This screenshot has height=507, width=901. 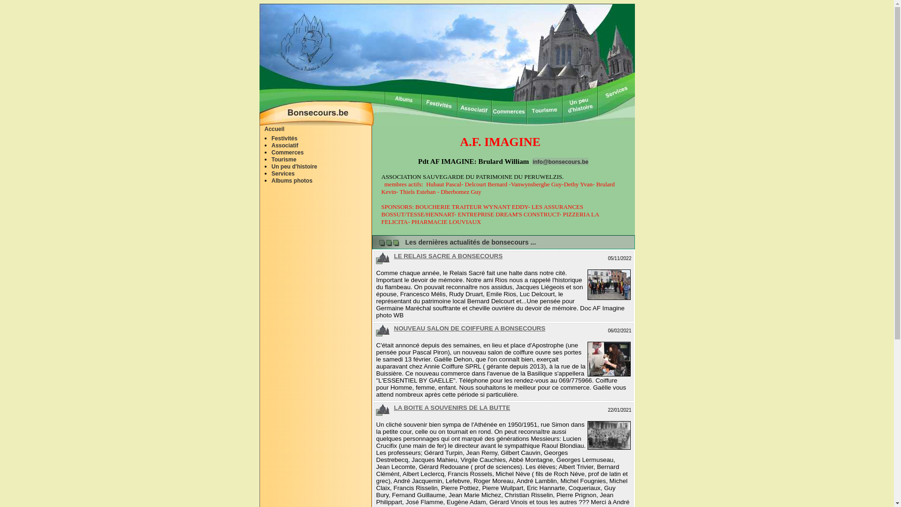 What do you see at coordinates (284, 145) in the screenshot?
I see `'Associatif'` at bounding box center [284, 145].